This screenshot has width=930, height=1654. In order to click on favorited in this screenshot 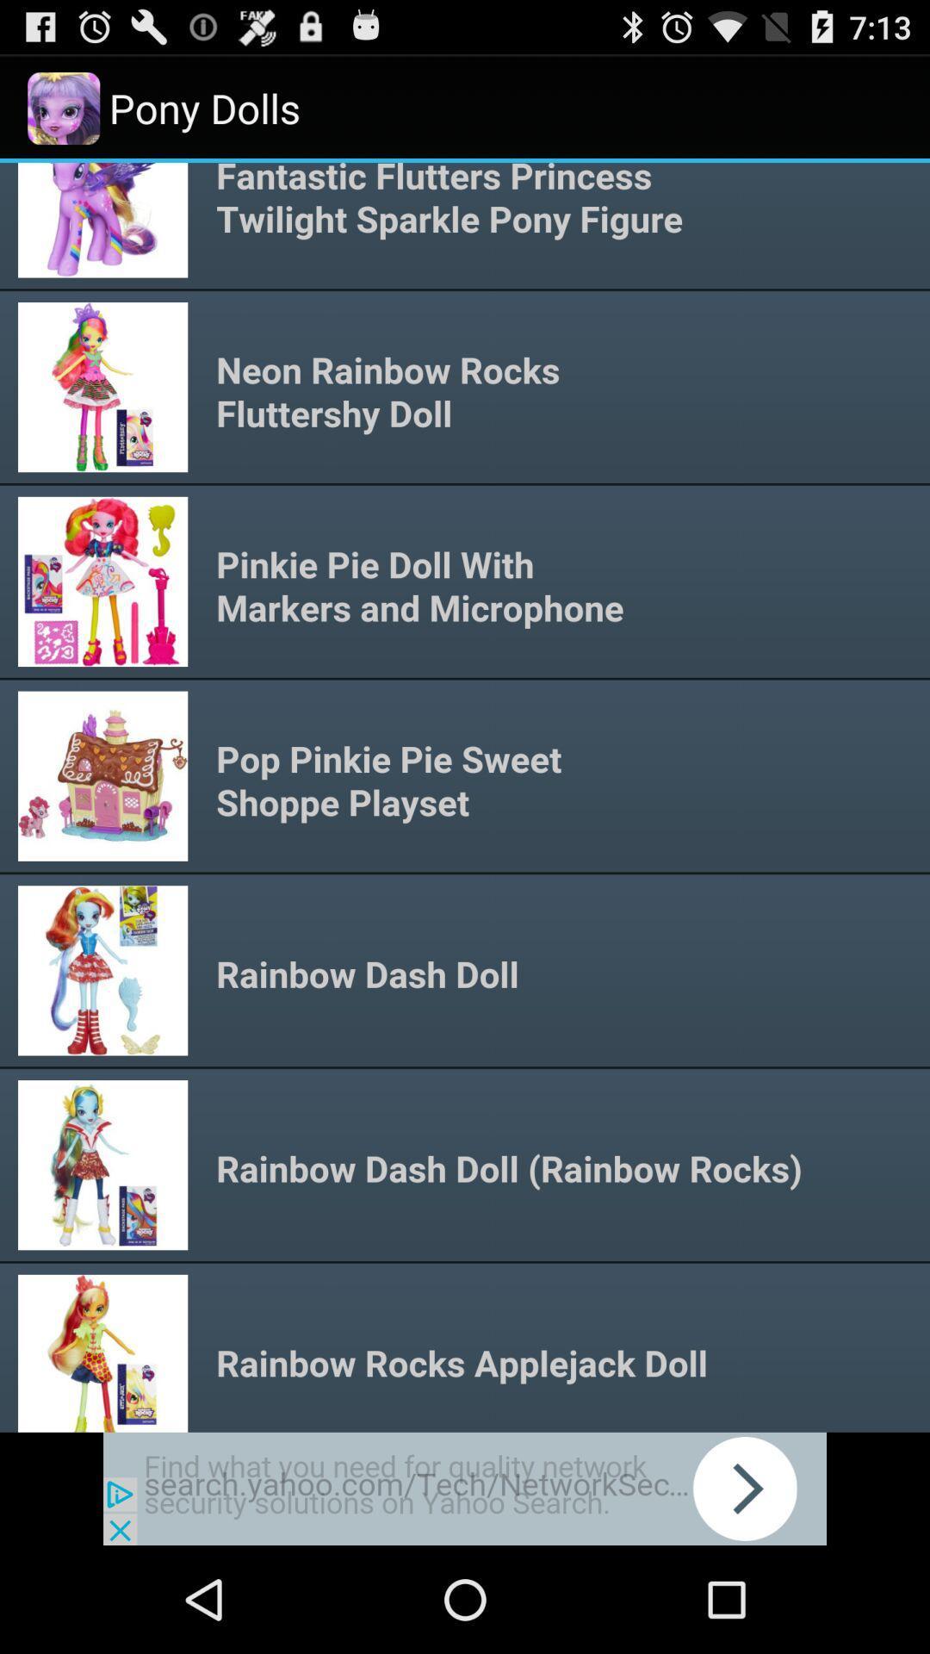, I will do `click(465, 1488)`.